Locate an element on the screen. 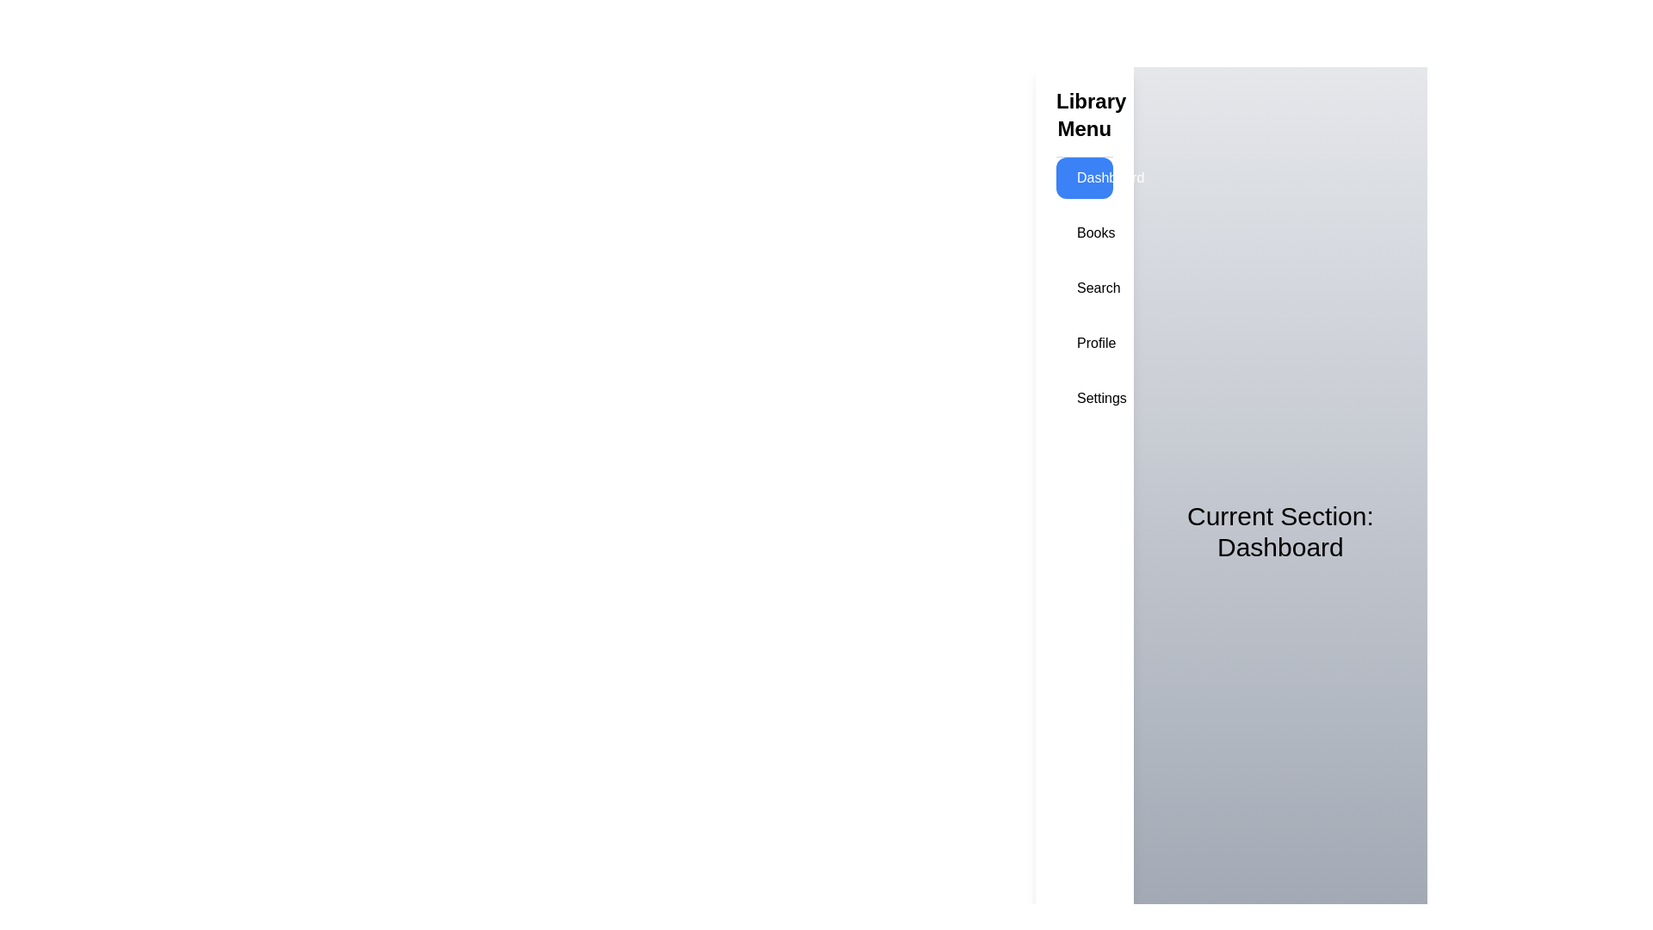 Image resolution: width=1653 pixels, height=930 pixels. the menu item corresponding to Books to navigate to that section is located at coordinates (1083, 232).